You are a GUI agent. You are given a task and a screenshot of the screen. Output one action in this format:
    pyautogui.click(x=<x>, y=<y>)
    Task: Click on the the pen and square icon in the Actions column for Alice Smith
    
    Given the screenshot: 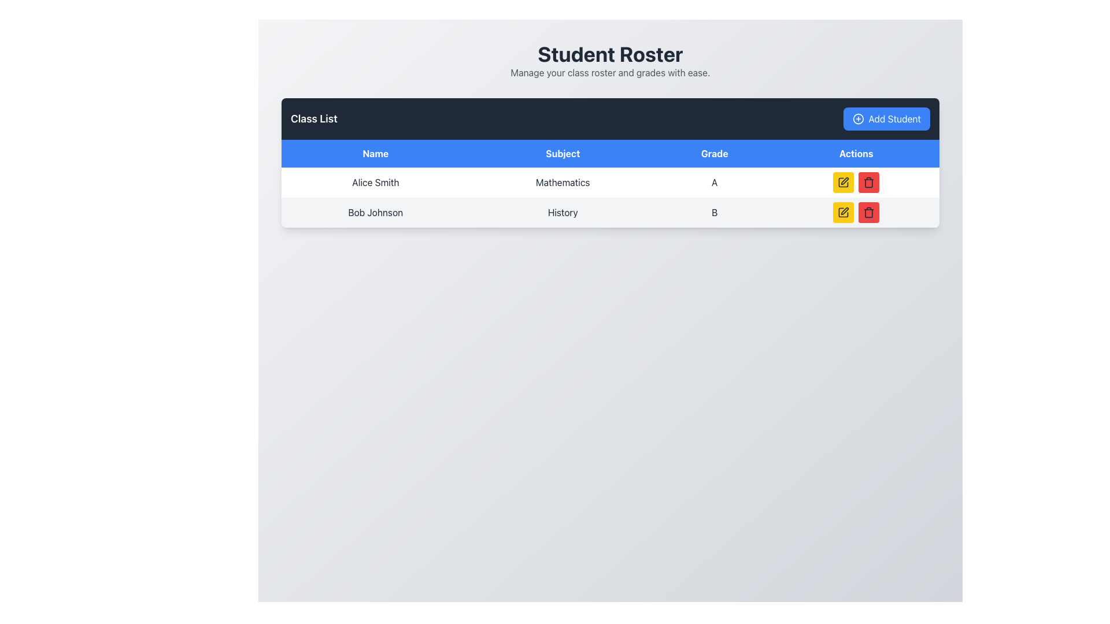 What is the action you would take?
    pyautogui.click(x=843, y=182)
    